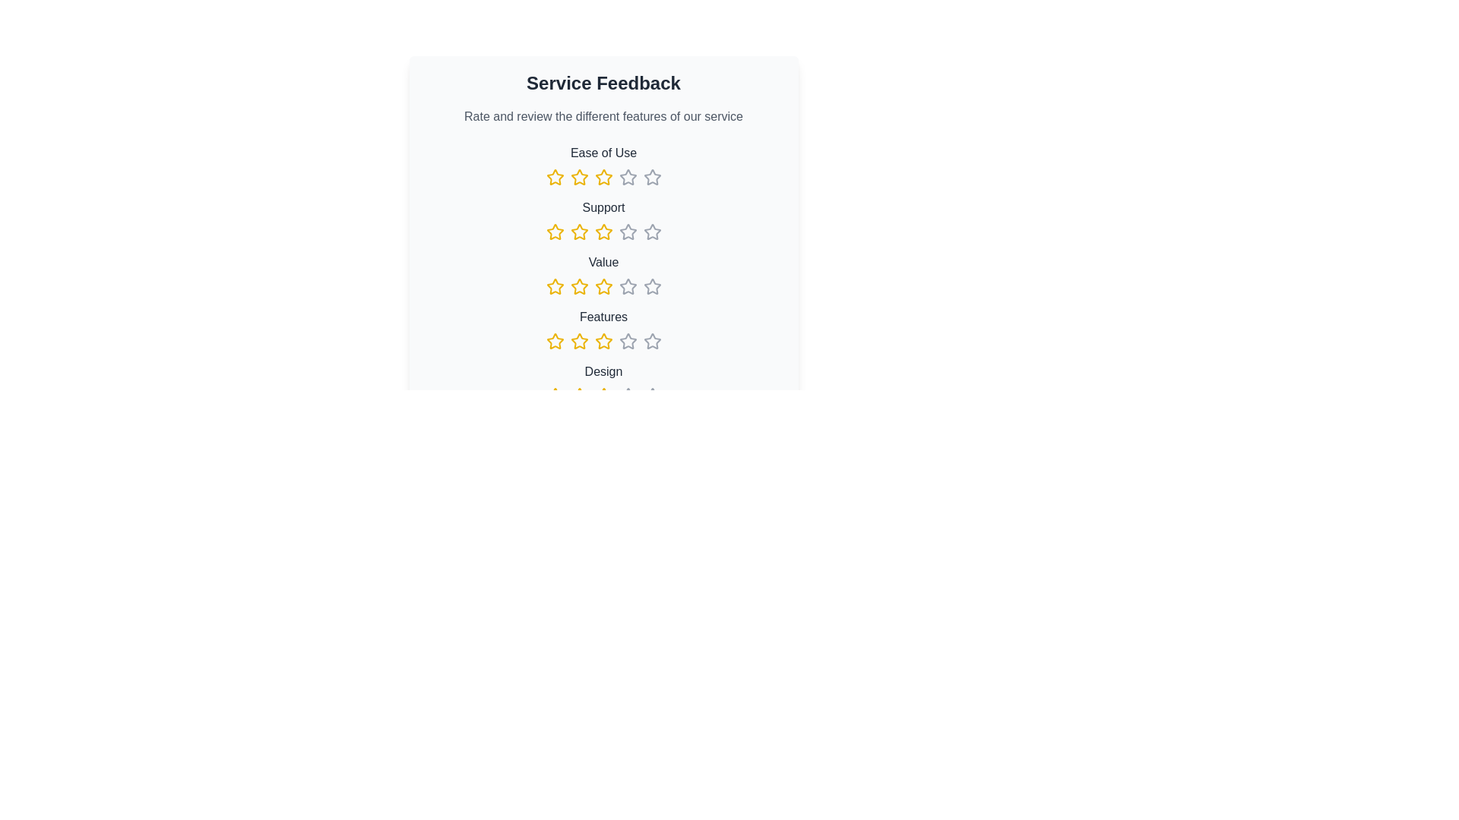  Describe the element at coordinates (578, 395) in the screenshot. I see `the last star in the fifth row of the rating system, which is styled as a yellow, five-pointed star in the 'Design' rating category` at that location.